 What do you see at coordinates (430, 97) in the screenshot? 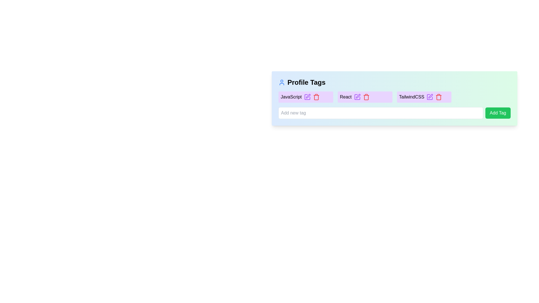
I see `the edit icon button associated with the 'TailwindCSS' tag, which is located in a horizontal list of icons to the left of the delete icon` at bounding box center [430, 97].